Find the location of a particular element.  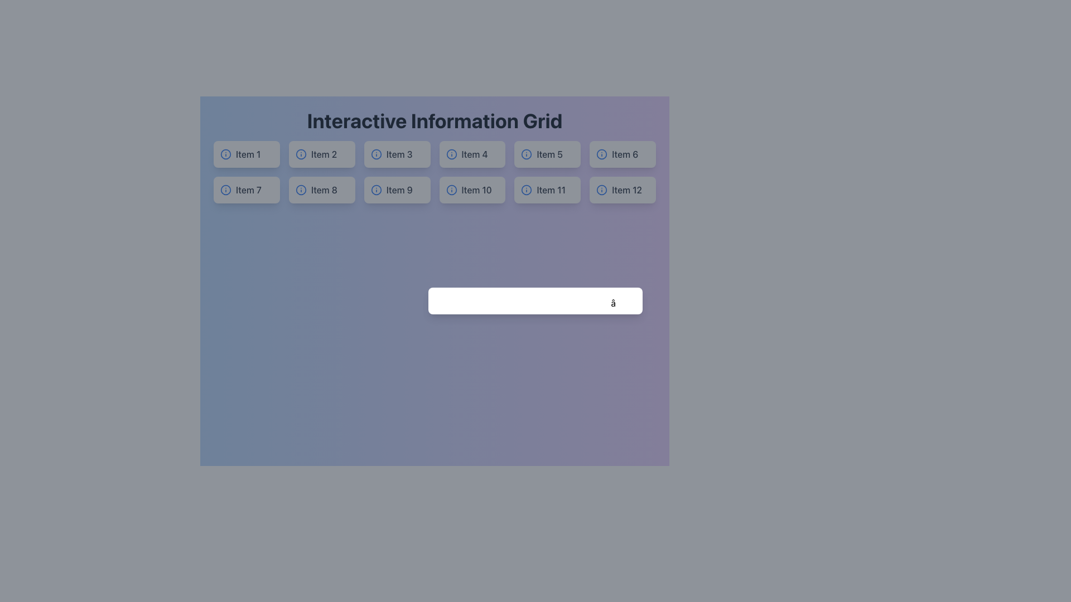

the circular information icon with a blue outline located to the left of the text label 'Item 9' in the interactive information grid is located at coordinates (376, 189).